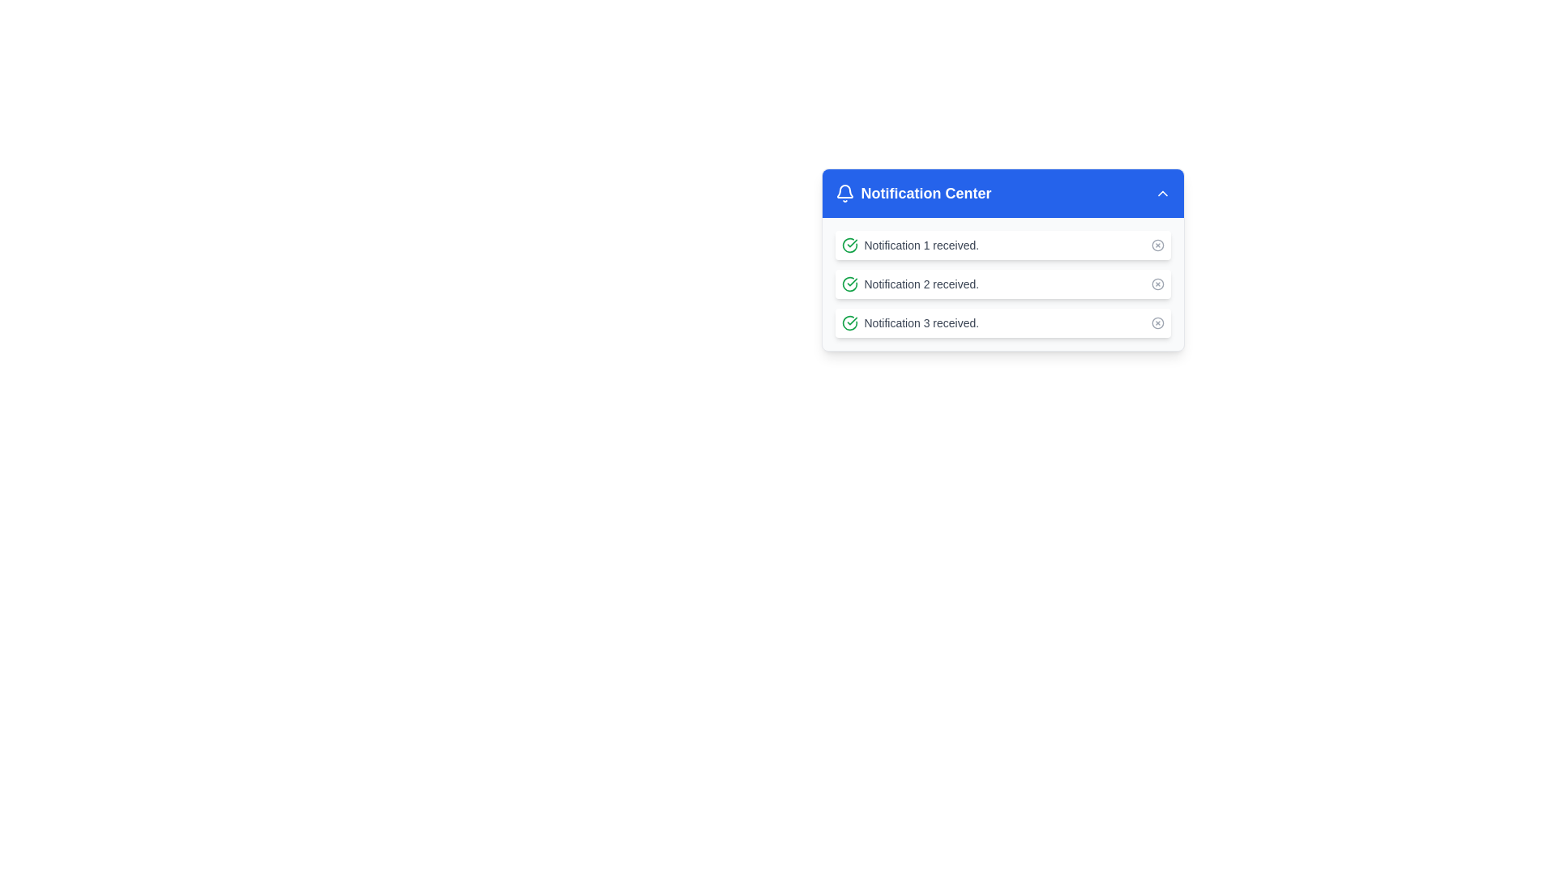  Describe the element at coordinates (910, 284) in the screenshot. I see `the notification item labeled 'Notification 2 received.' which features a green check icon to associate the visual indication with the message` at that location.